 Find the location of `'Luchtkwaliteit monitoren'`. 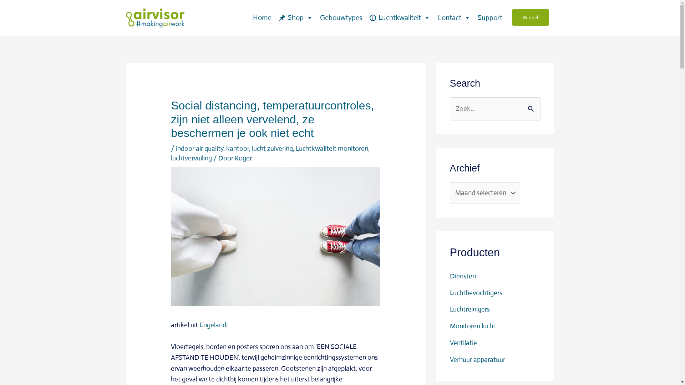

'Luchtkwaliteit monitoren' is located at coordinates (331, 148).